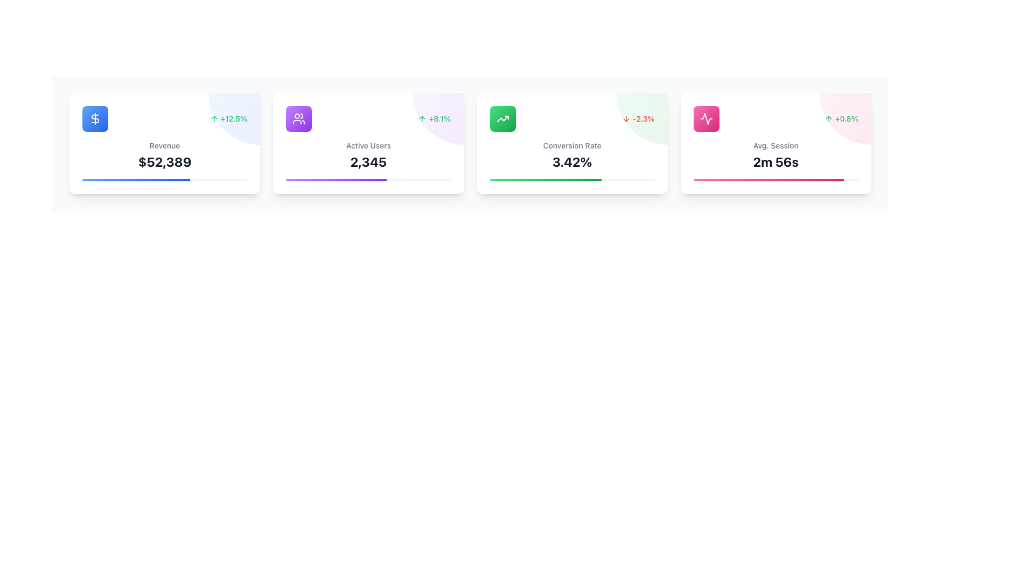 This screenshot has width=1034, height=581. Describe the element at coordinates (336, 180) in the screenshot. I see `the filled portion of the Progress Indicator within the 'Active Users' card to check the current progress indication, which represents approximately 60.9% of the total progress` at that location.